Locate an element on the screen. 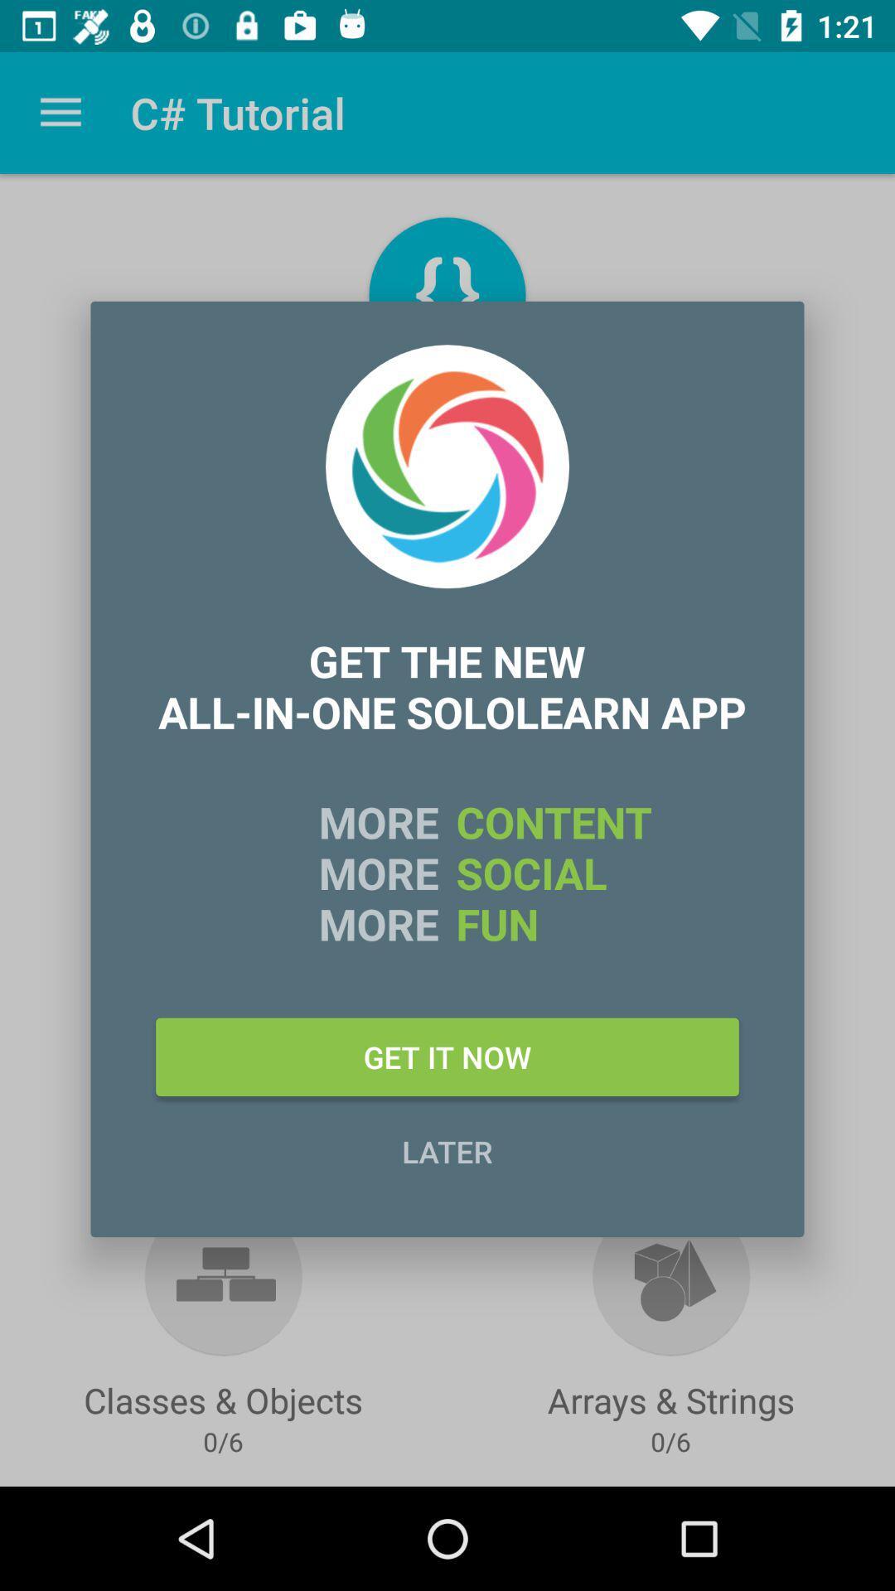 The image size is (895, 1591). item above the later is located at coordinates (447, 1056).